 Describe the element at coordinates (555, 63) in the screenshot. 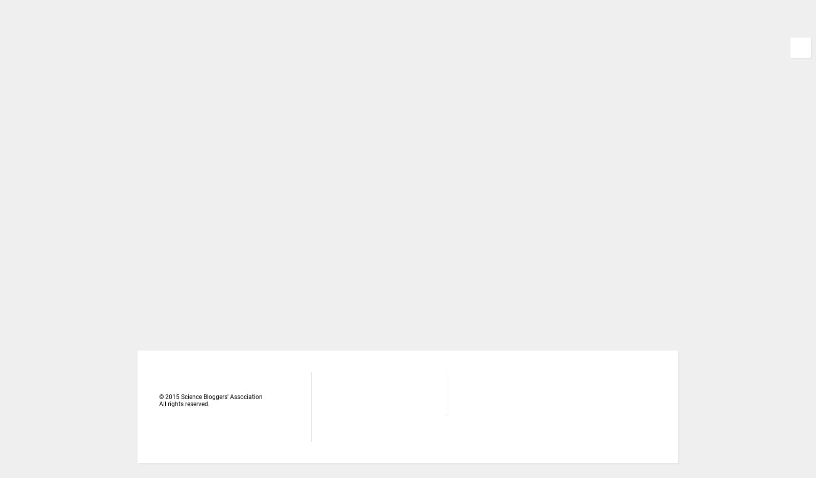

I see `'पानी पर तैरते पत्थरों का रहस्य...'` at that location.